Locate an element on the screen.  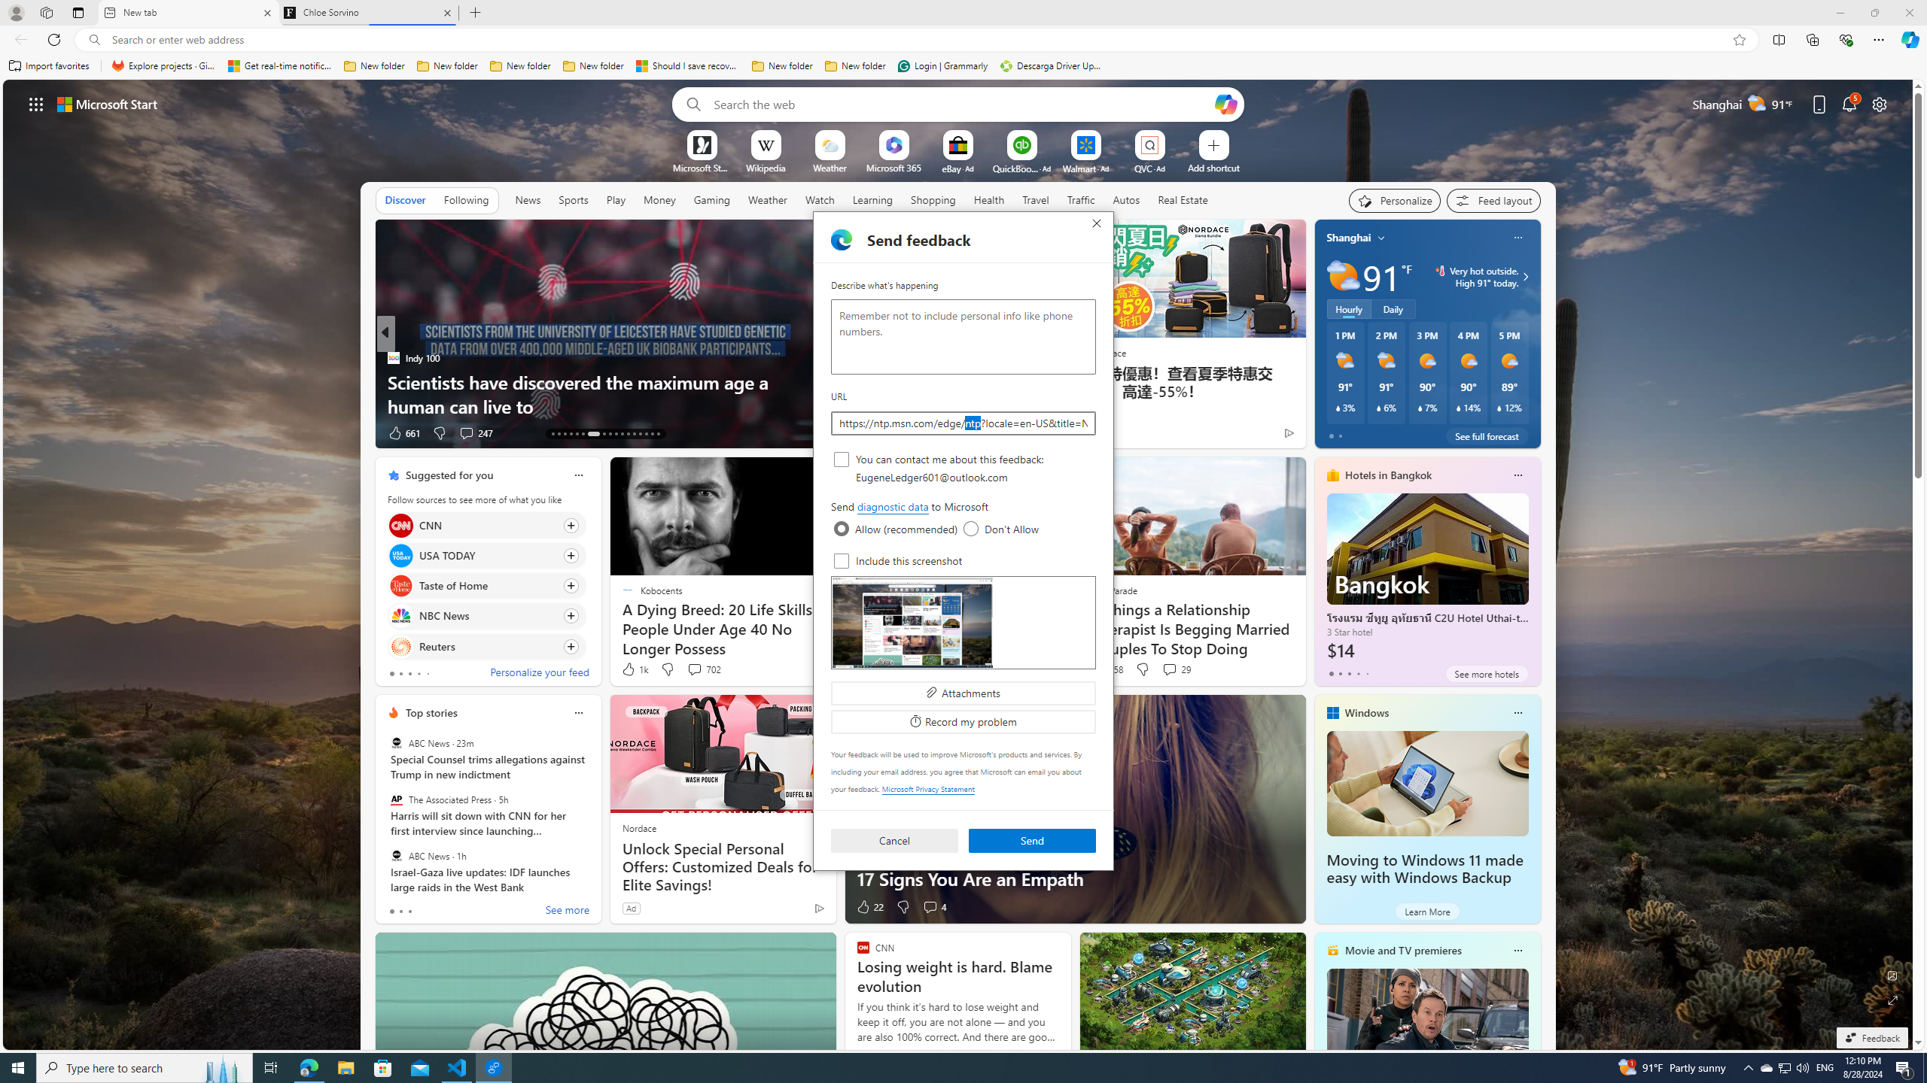
'Gaming' is located at coordinates (711, 199).